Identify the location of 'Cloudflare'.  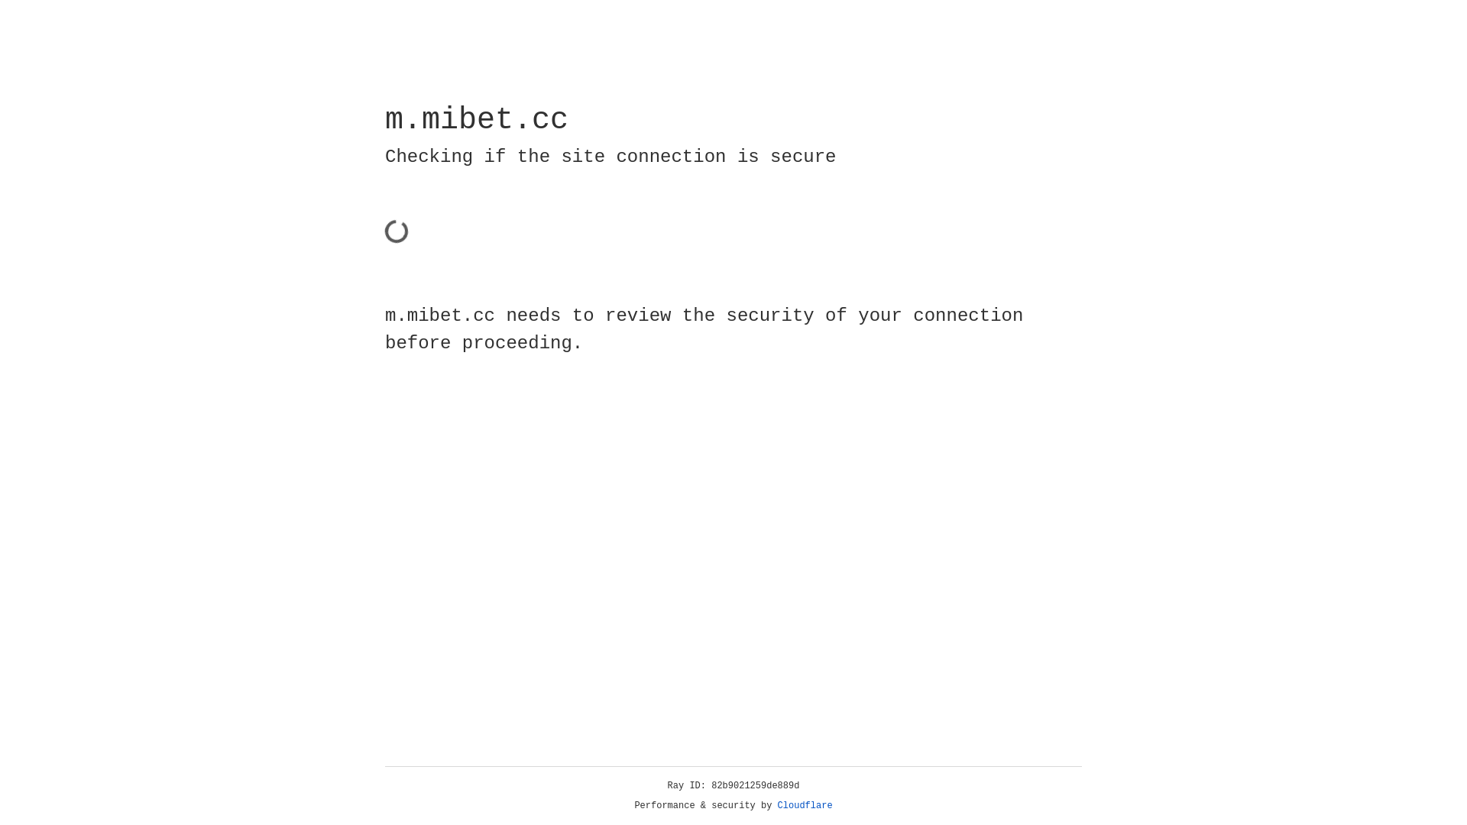
(777, 805).